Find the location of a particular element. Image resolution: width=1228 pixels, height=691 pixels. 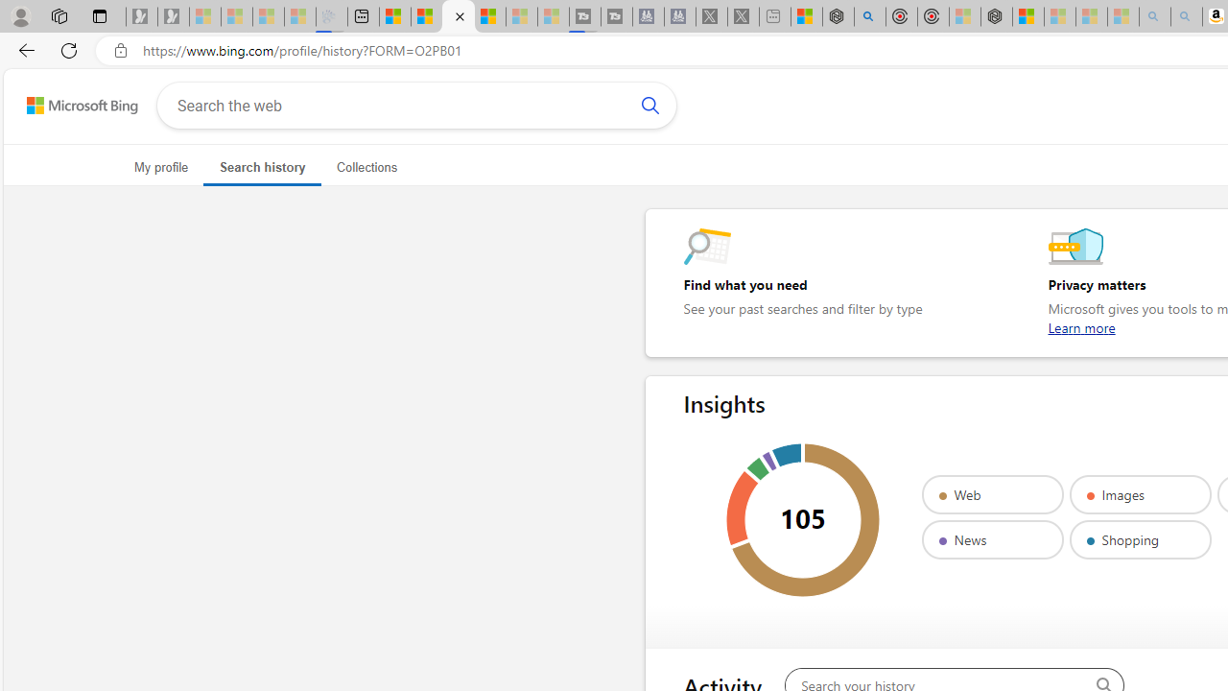

'Shopping' is located at coordinates (1140, 539).